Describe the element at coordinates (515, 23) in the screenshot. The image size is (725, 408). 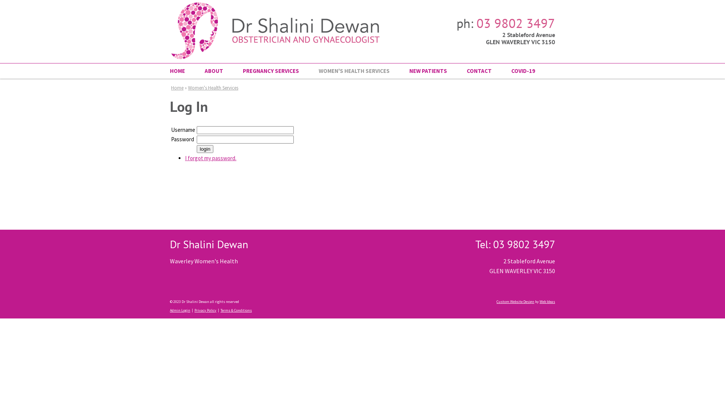
I see `'03 9802 3497'` at that location.